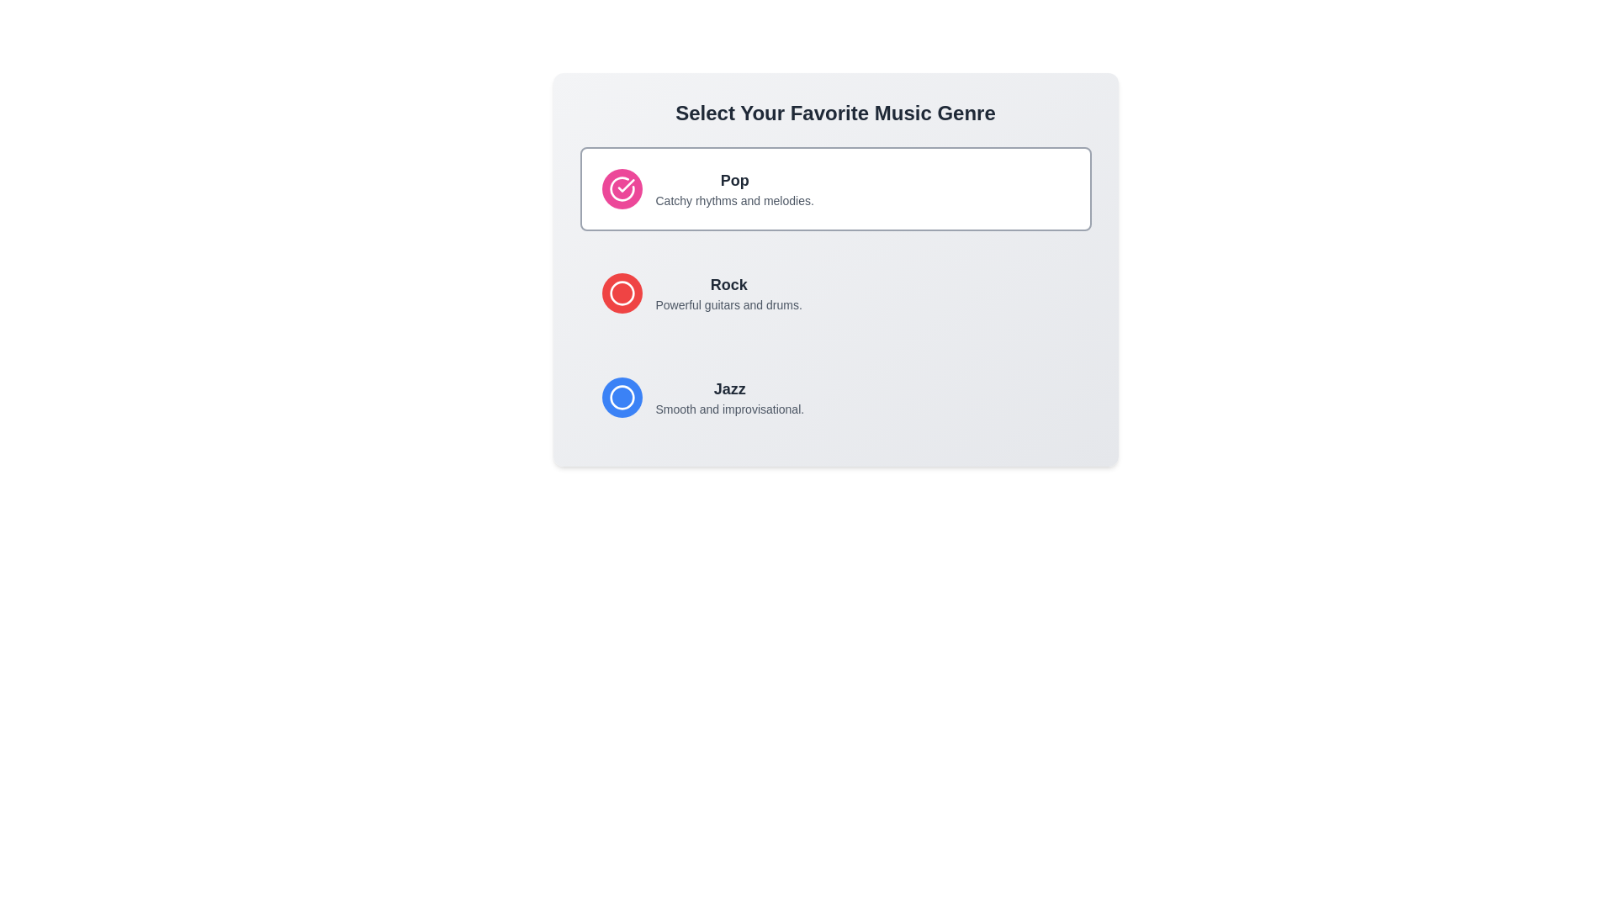  What do you see at coordinates (621, 398) in the screenshot?
I see `the third circular icon representing the Jazz genre` at bounding box center [621, 398].